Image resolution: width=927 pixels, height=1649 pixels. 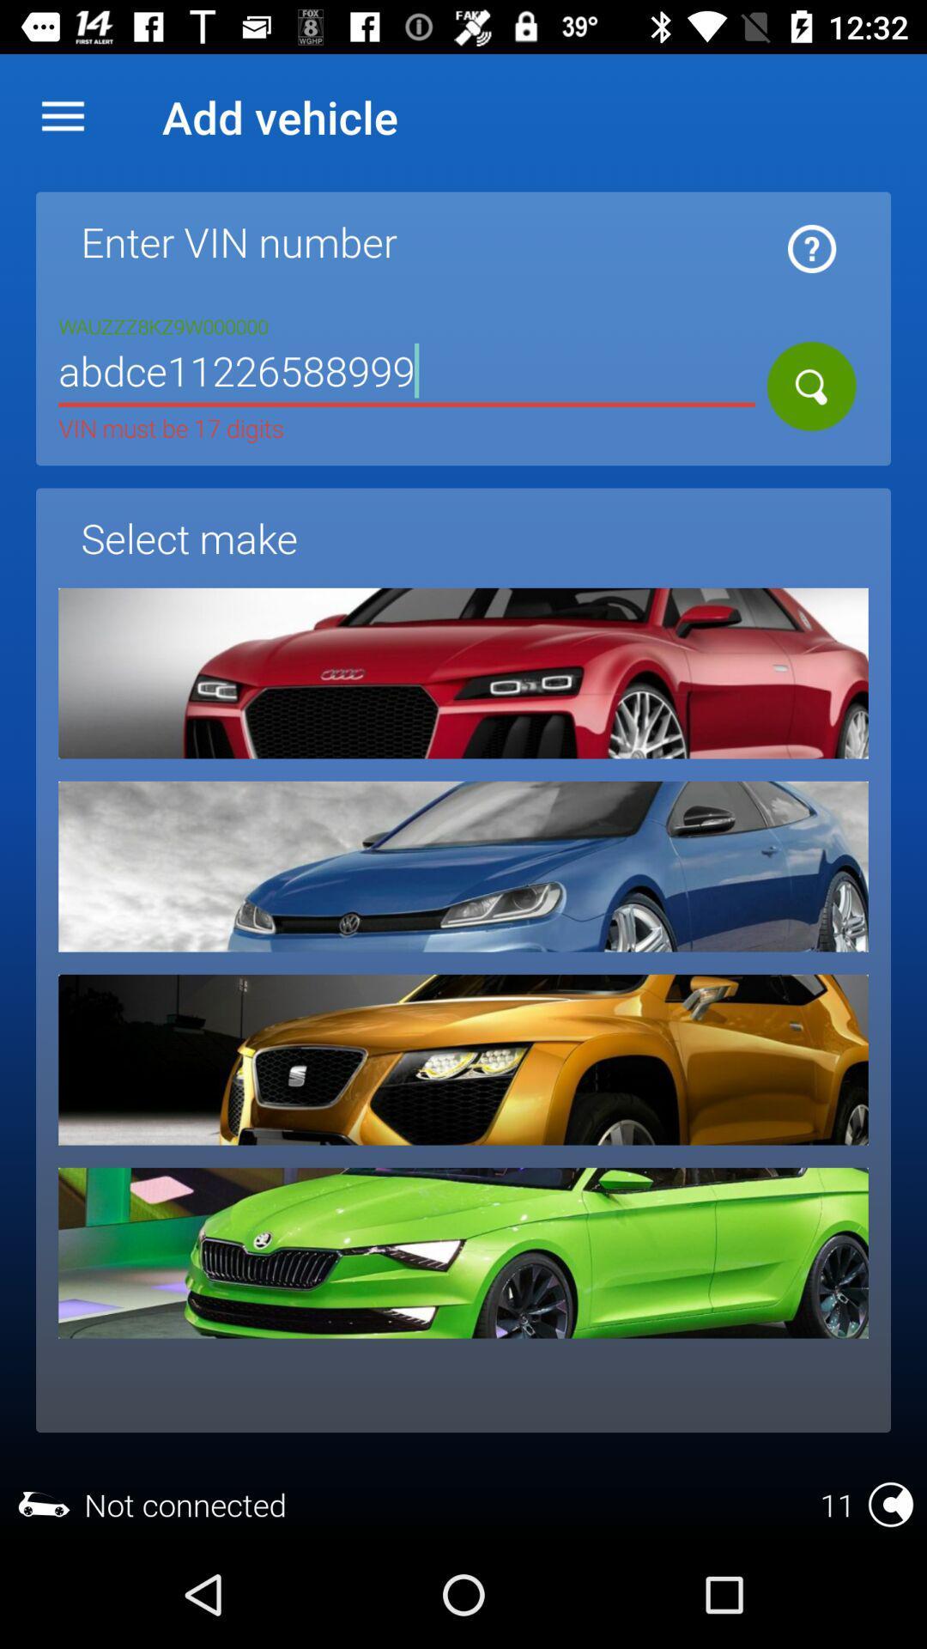 What do you see at coordinates (463, 867) in the screenshot?
I see `volkswagen` at bounding box center [463, 867].